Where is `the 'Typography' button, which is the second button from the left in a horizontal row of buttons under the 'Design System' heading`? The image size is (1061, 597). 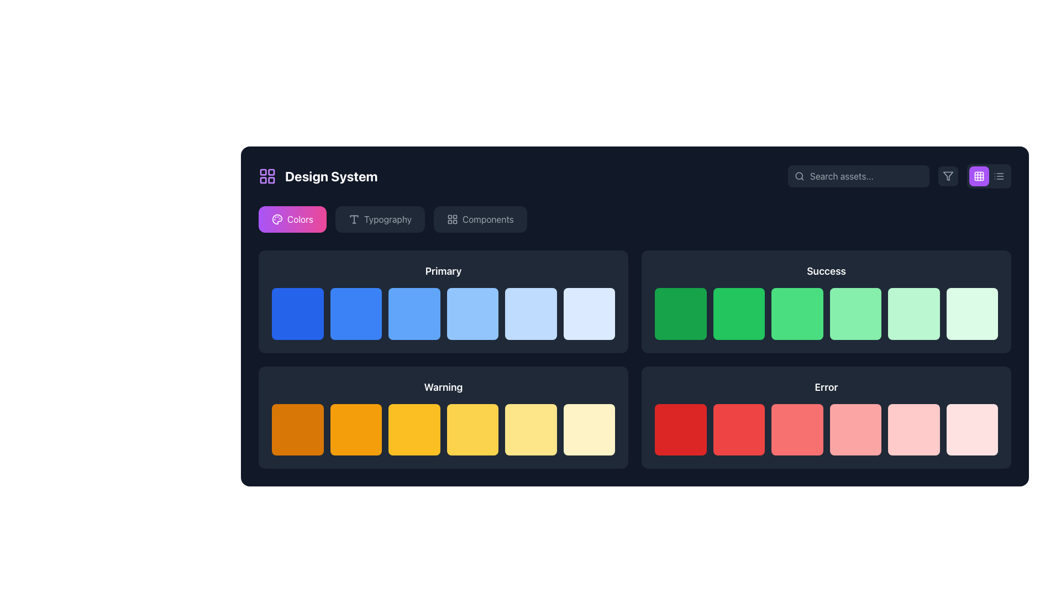
the 'Typography' button, which is the second button from the left in a horizontal row of buttons under the 'Design System' heading is located at coordinates (380, 219).